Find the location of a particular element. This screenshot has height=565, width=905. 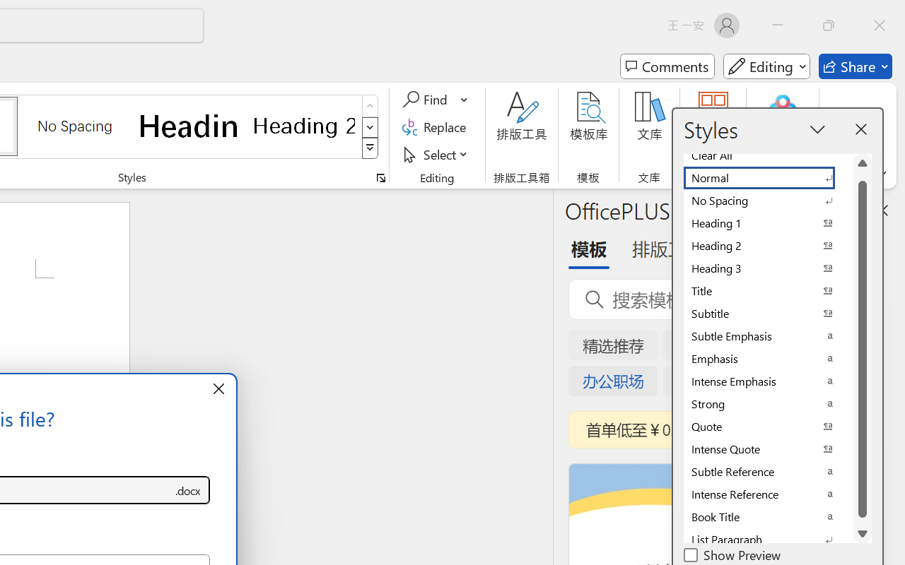

'Title' is located at coordinates (767, 291).